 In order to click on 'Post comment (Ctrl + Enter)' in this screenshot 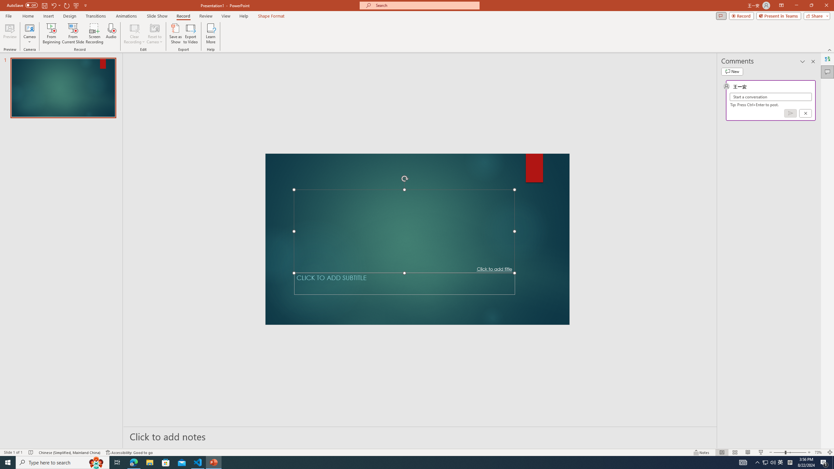, I will do `click(790, 113)`.